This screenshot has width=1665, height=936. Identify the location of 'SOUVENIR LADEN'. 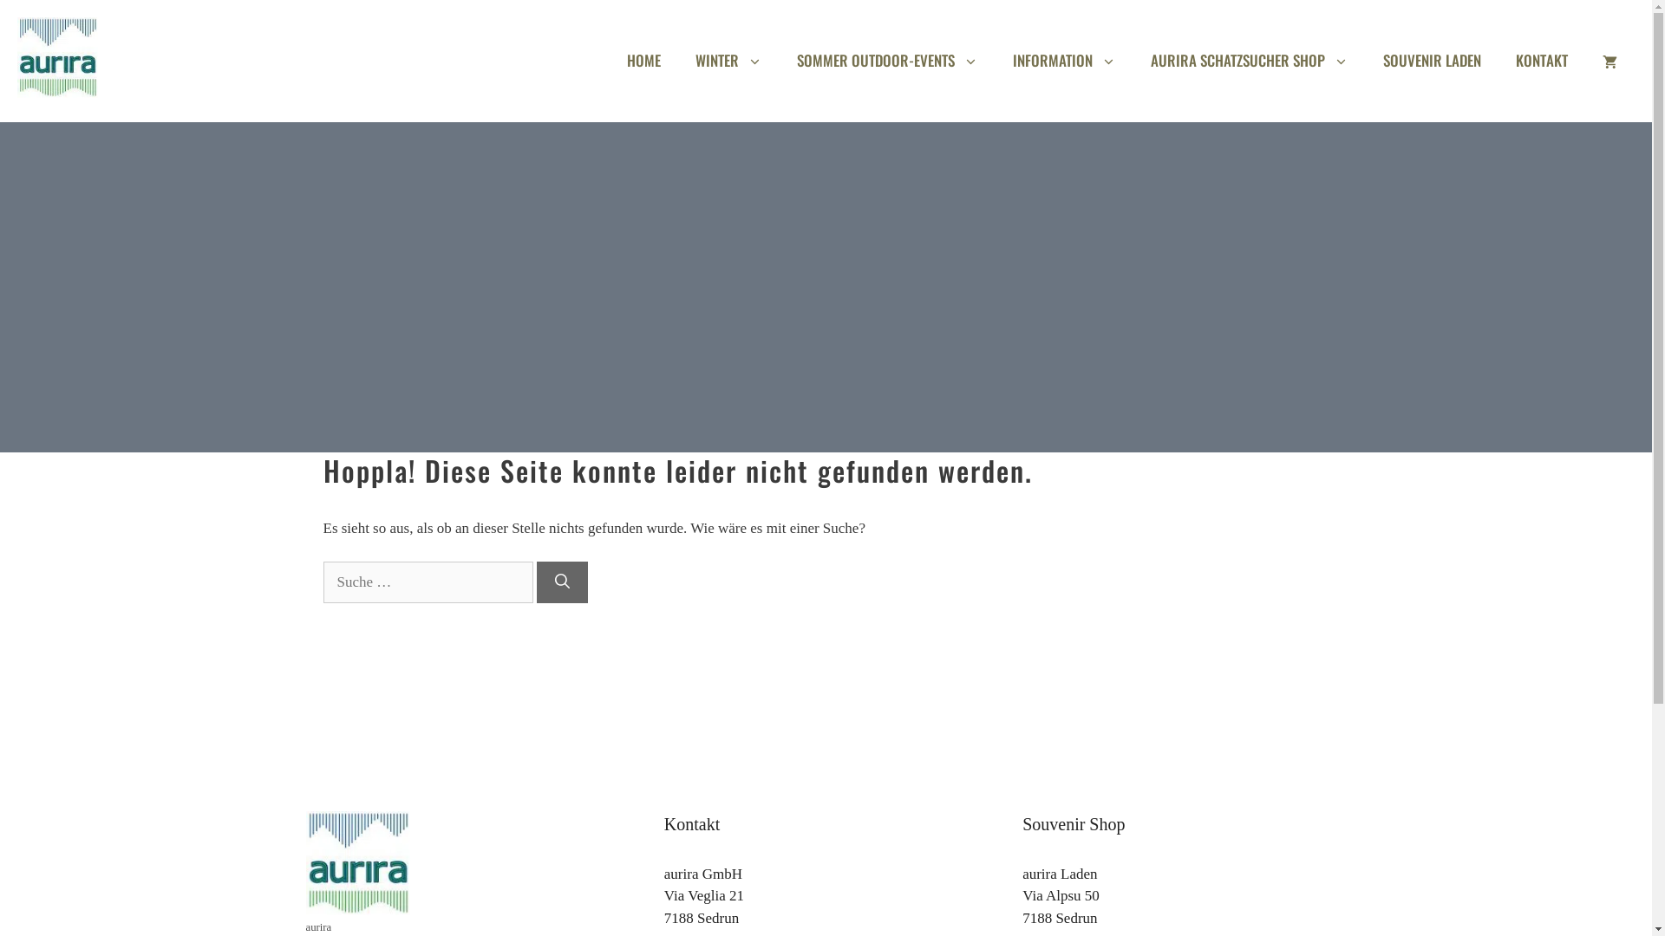
(1432, 59).